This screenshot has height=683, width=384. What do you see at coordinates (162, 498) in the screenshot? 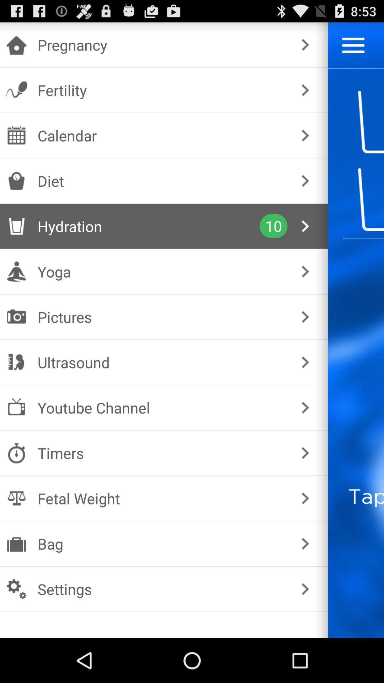
I see `icon below the timers` at bounding box center [162, 498].